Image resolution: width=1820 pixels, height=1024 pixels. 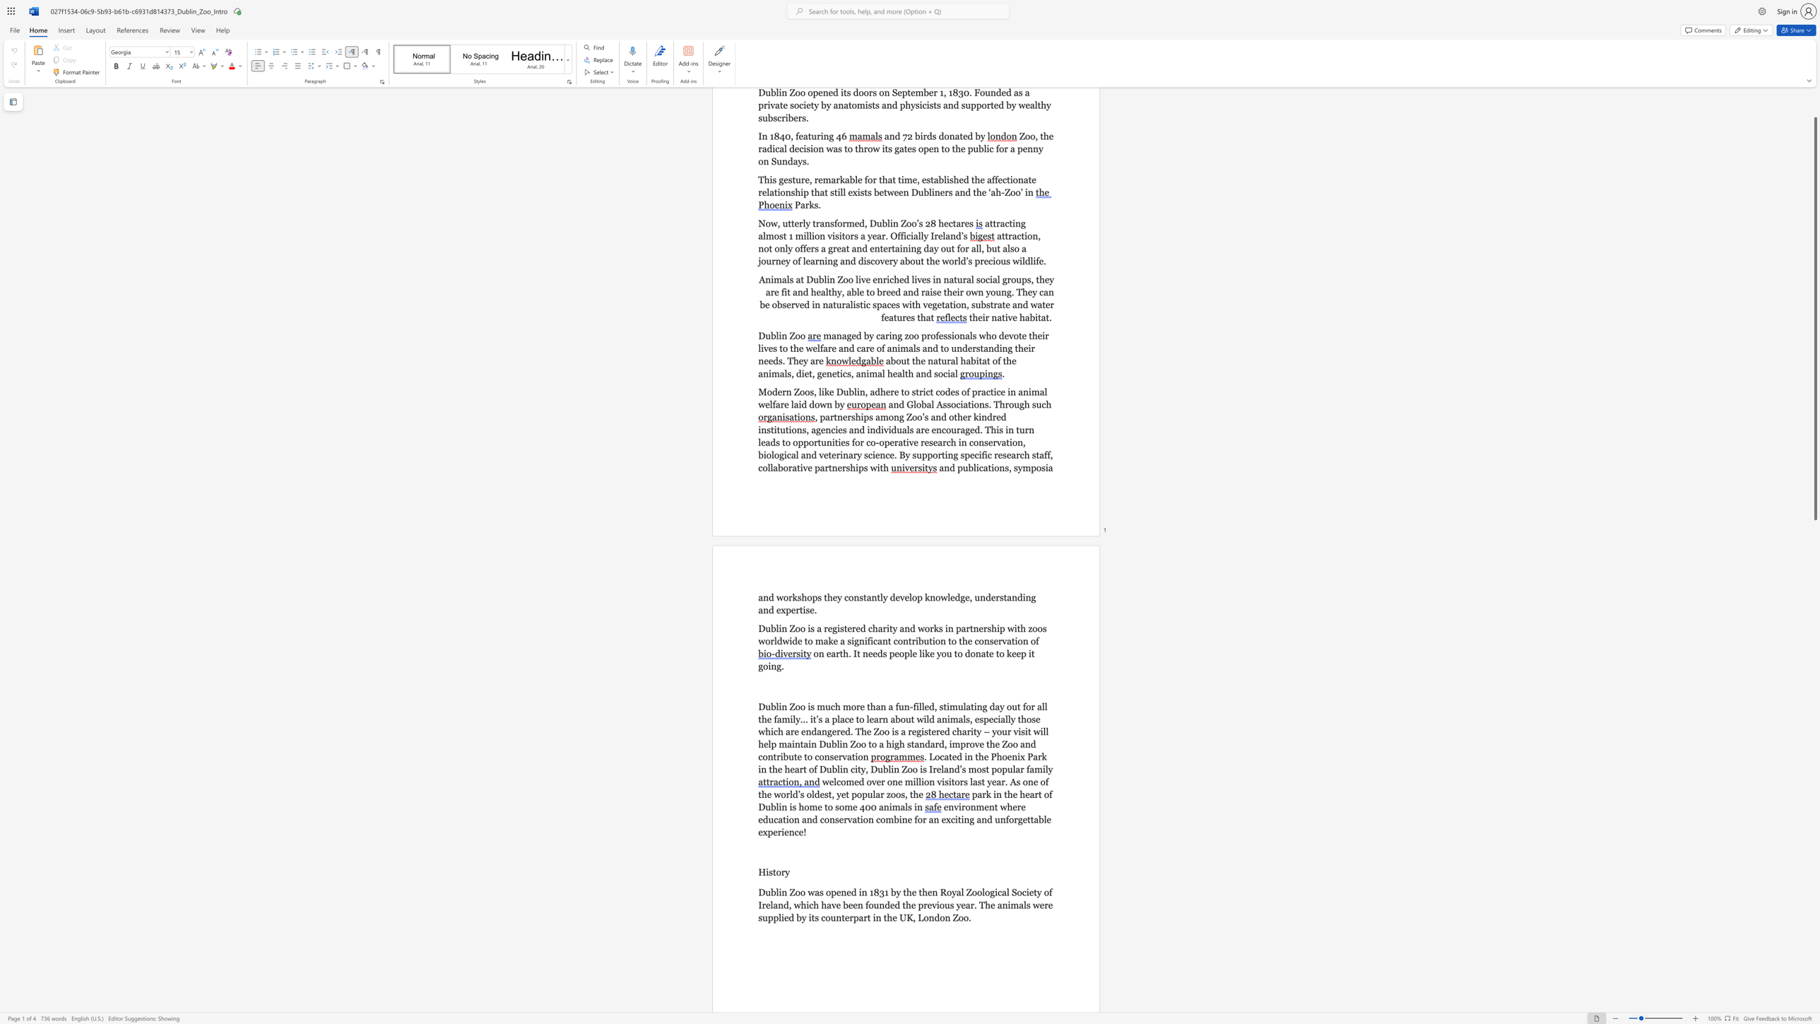 I want to click on the subset text "popular fami" within the text ". Located in the Phoenix Park in the heart of Dublin city, Dublin Zoo is Ireland’s most popular family", so click(x=991, y=769).